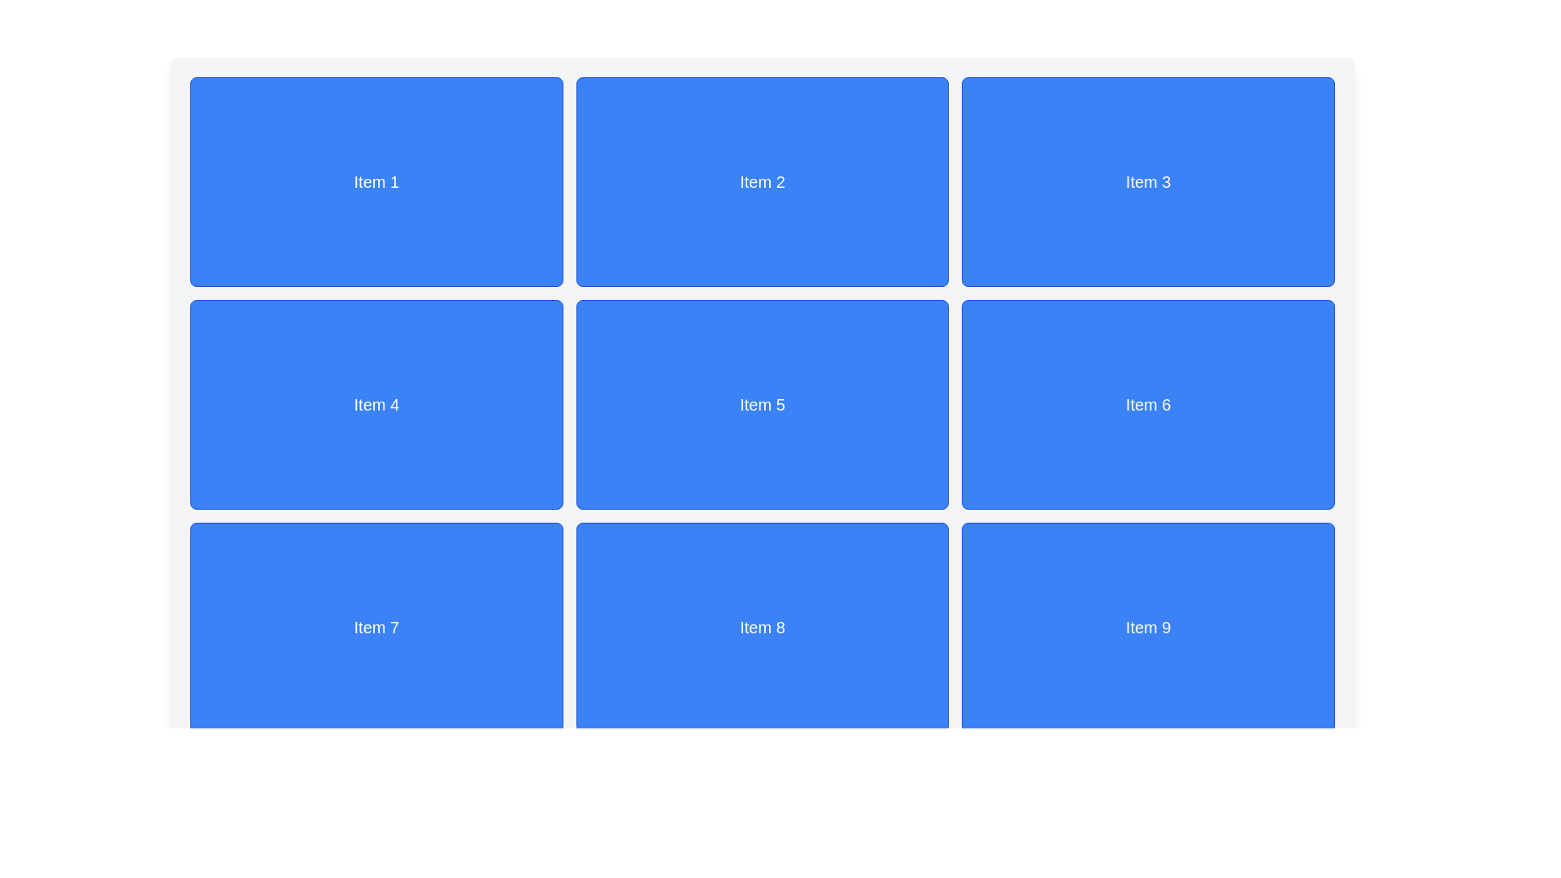  Describe the element at coordinates (761, 762) in the screenshot. I see `the textual display showing 'Page 1 of 10', which is centered horizontally in the bottom area of the interface` at that location.